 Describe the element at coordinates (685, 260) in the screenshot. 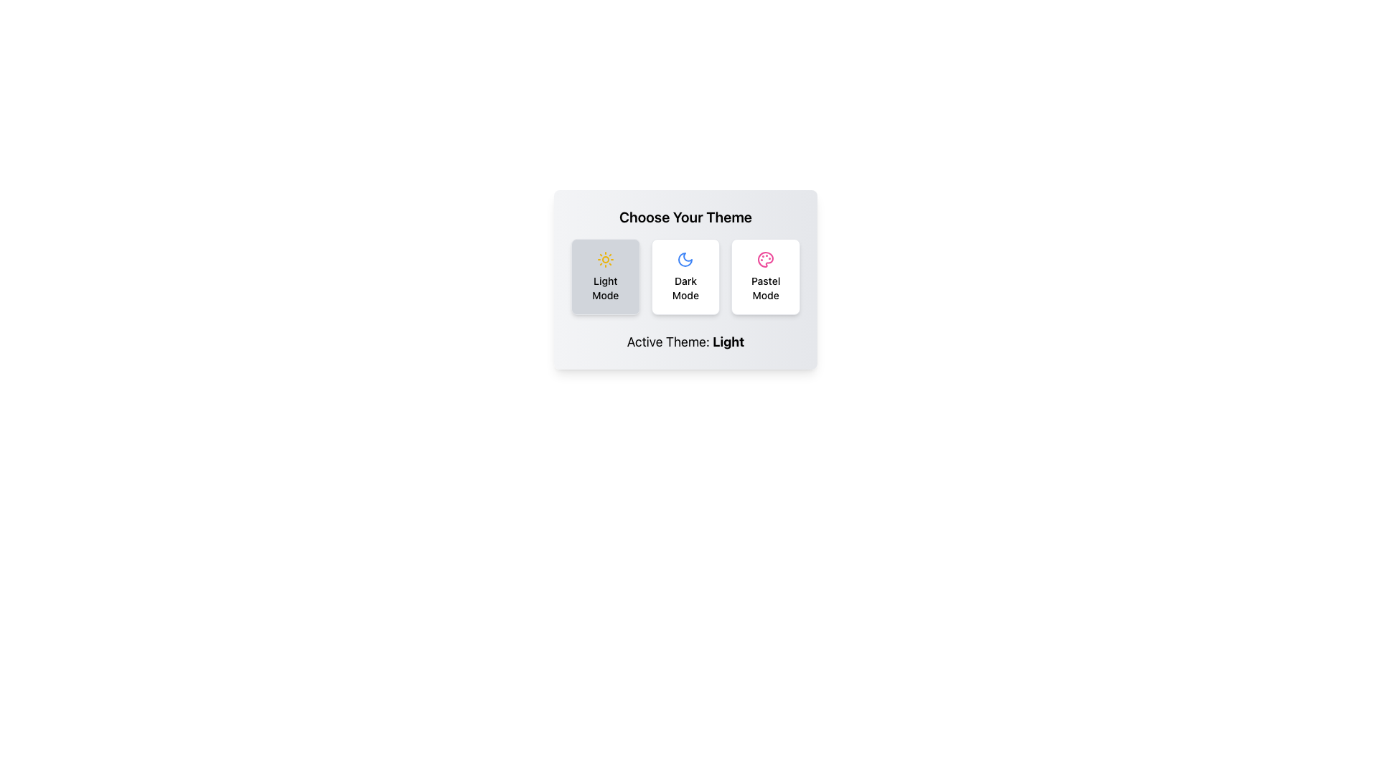

I see `the Dark Mode icon, which is centrally located between the sun and palette icons in the theme selection options` at that location.